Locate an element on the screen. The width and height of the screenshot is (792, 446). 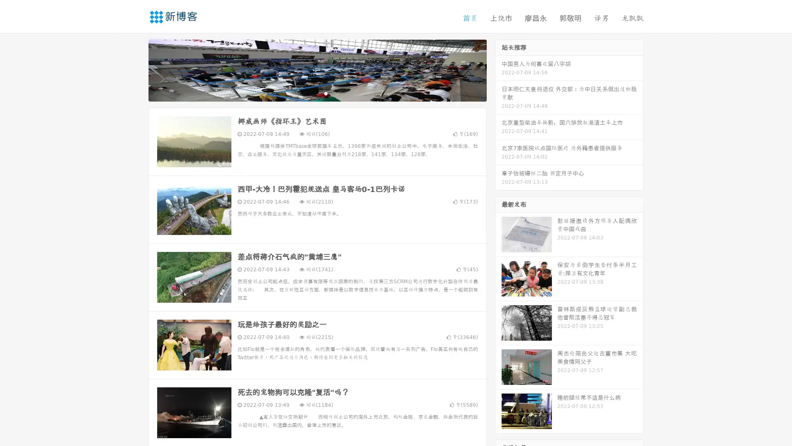
Next slide is located at coordinates (498, 69).